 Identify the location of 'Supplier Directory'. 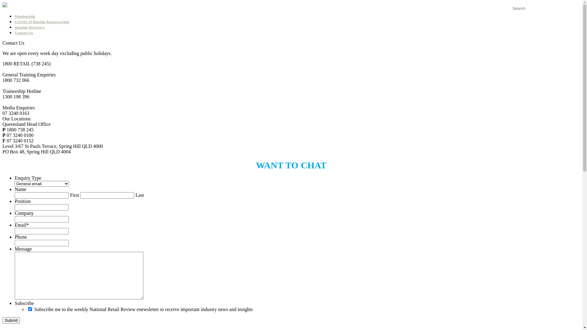
(29, 27).